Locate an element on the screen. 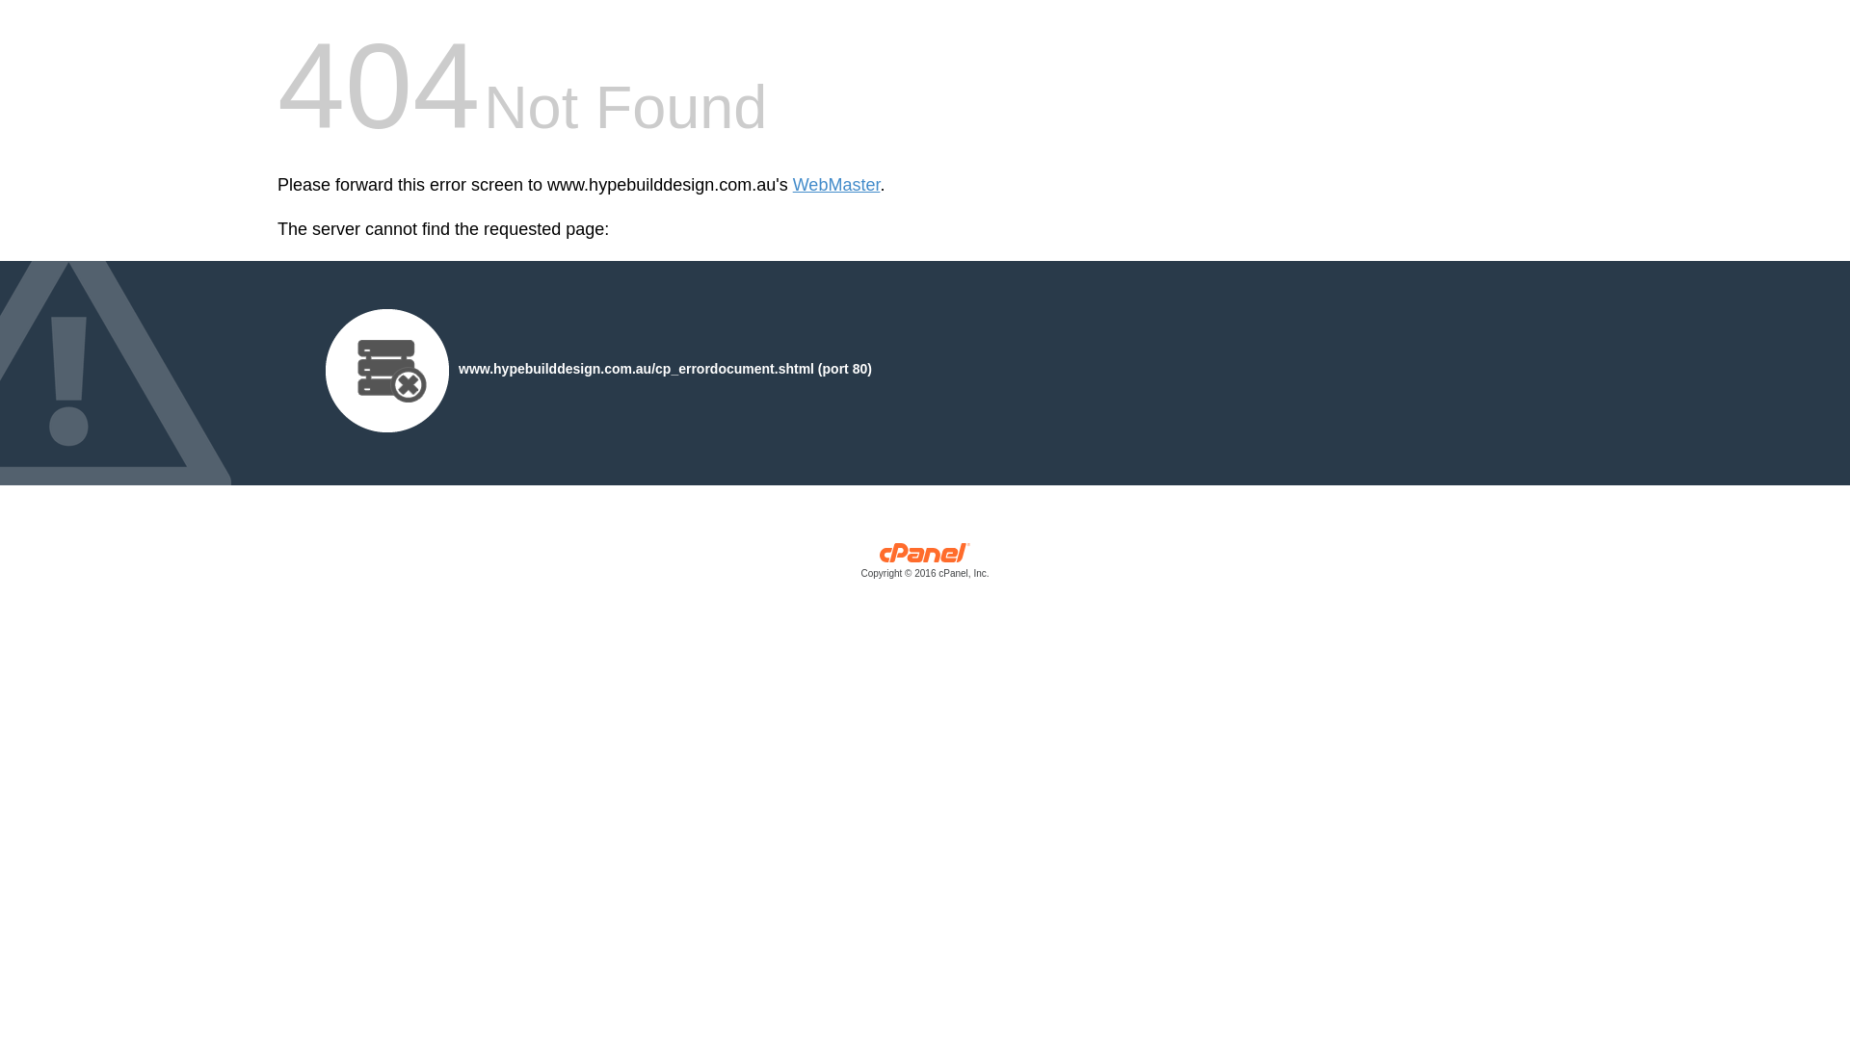 Image resolution: width=1850 pixels, height=1040 pixels. 'WebMaster' is located at coordinates (836, 185).